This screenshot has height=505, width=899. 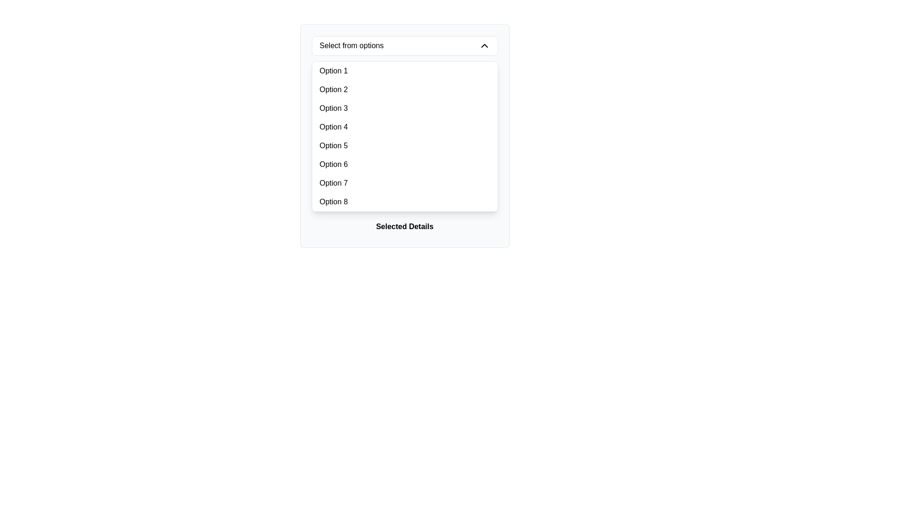 What do you see at coordinates (405, 146) in the screenshot?
I see `the fifth item in the dropdown list, located between 'Option 4' and 'Option 6'` at bounding box center [405, 146].